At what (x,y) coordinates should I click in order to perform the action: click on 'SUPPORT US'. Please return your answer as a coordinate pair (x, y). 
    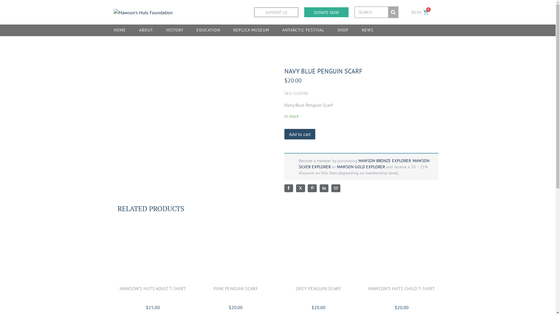
    Looking at the image, I should click on (254, 12).